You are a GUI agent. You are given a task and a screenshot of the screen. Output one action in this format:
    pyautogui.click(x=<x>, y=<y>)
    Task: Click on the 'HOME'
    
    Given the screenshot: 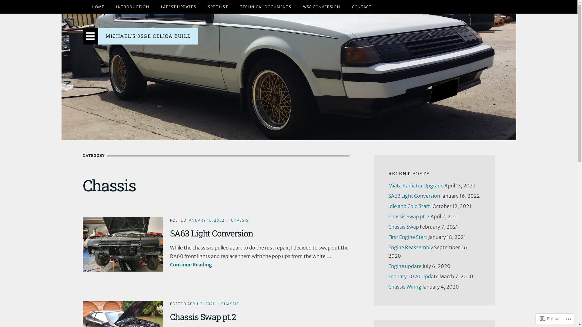 What is the action you would take?
    pyautogui.click(x=98, y=7)
    